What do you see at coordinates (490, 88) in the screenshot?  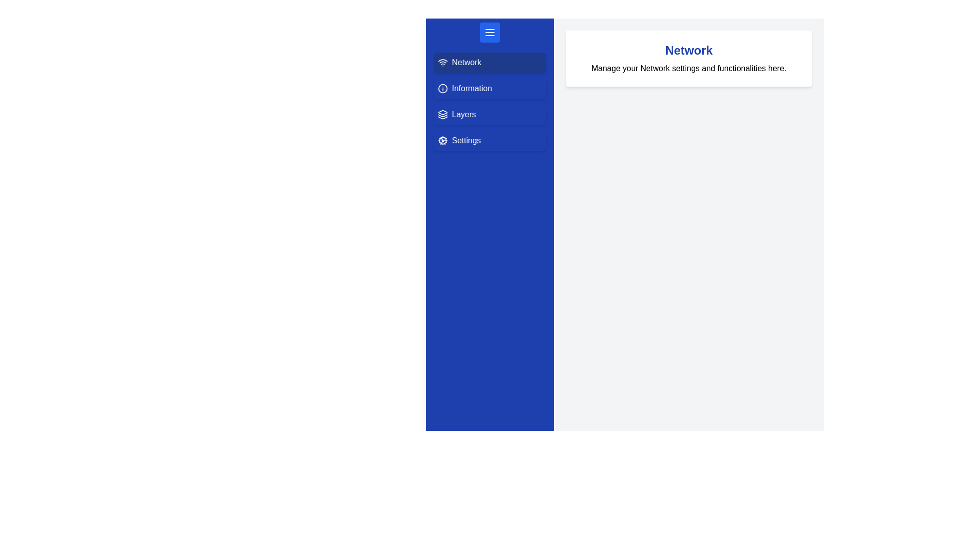 I see `the drawer option labeled 'Information' to observe the hover effect` at bounding box center [490, 88].